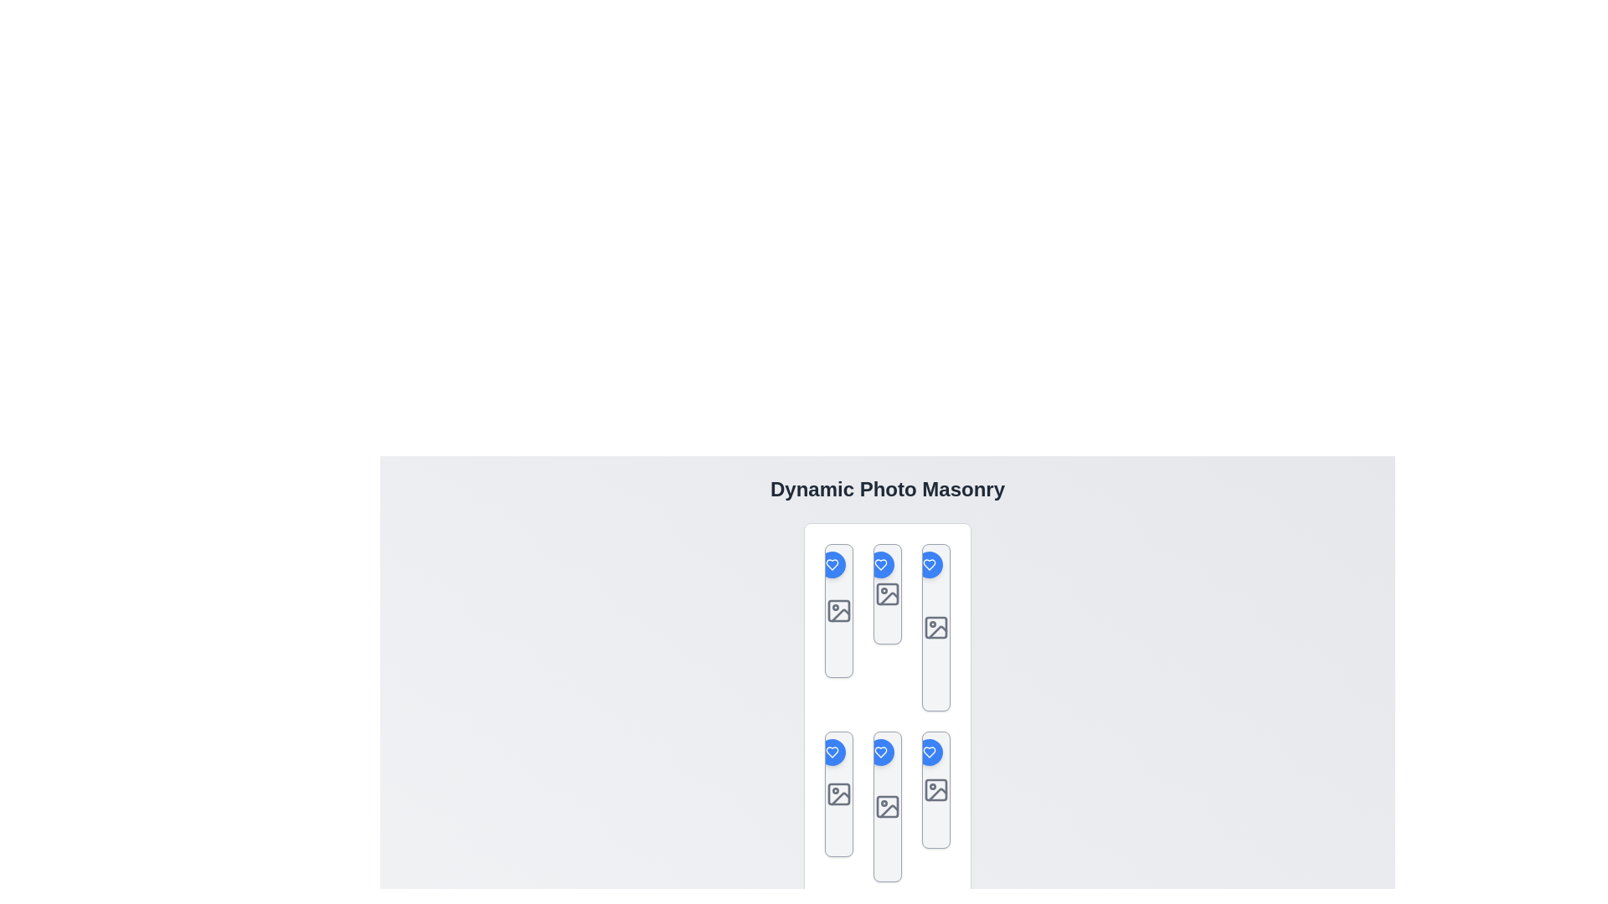  I want to click on the 'like' icon located at the top-right corner of the circular blue button on the card-like structure, so click(928, 565).